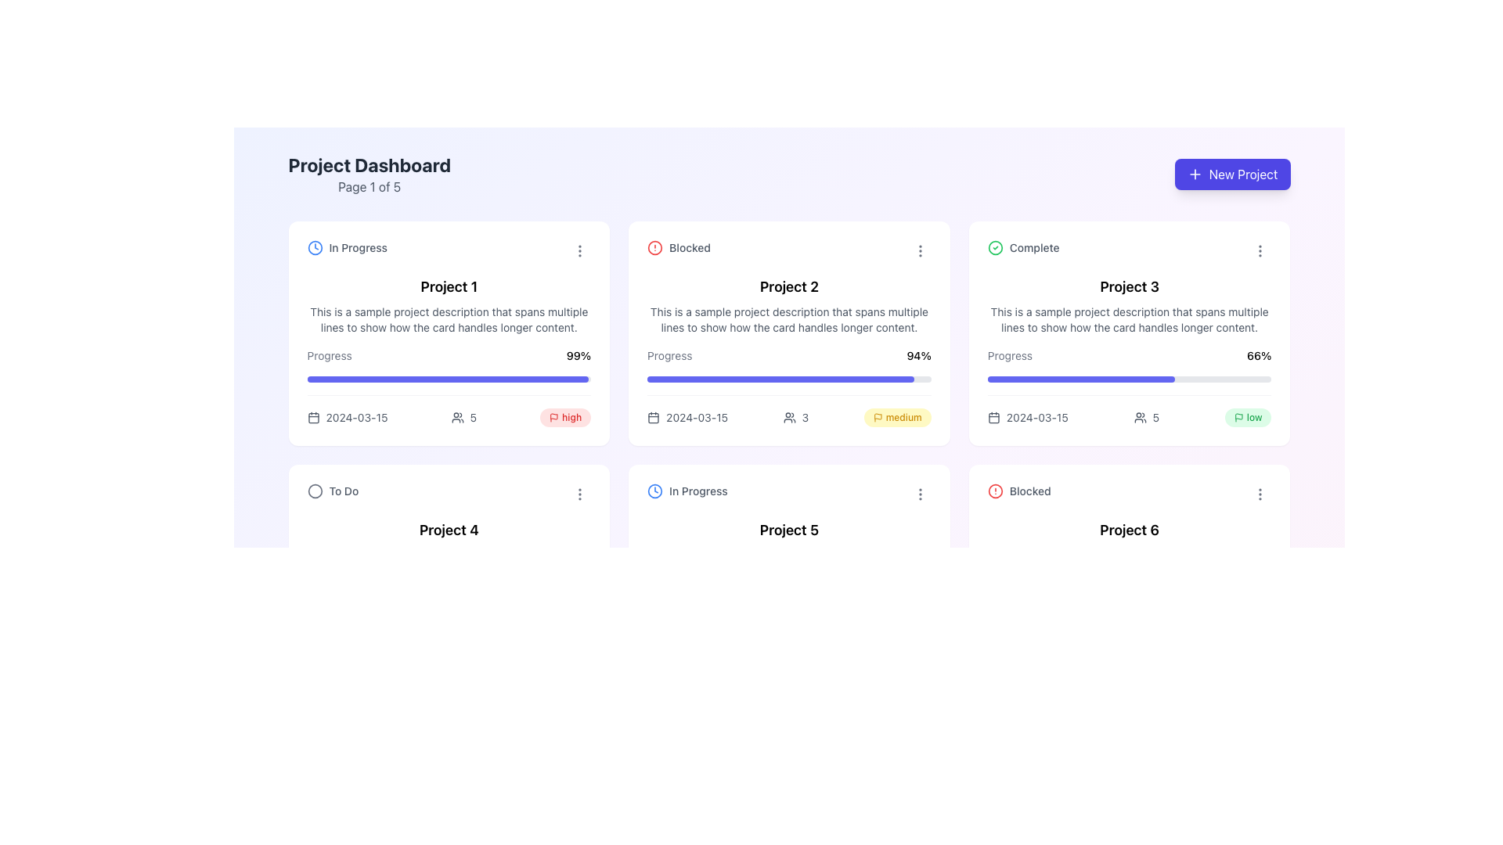 The height and width of the screenshot is (845, 1503). Describe the element at coordinates (669, 356) in the screenshot. I see `label text that describes the purpose of the adjacent progress bar in the 'Blocked' section of the 'Project 2' card, located at the bottom left corner, just above a horizontal progress bar` at that location.